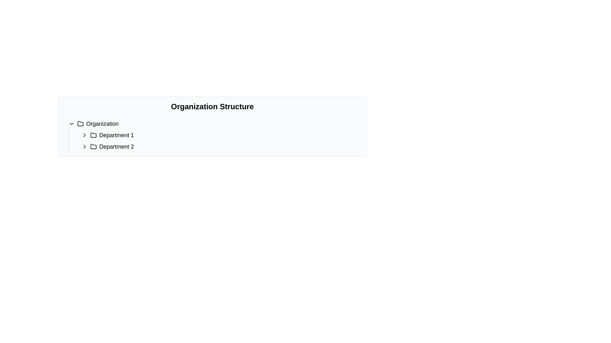  Describe the element at coordinates (93, 134) in the screenshot. I see `the folder icon that visually represents a directory, located beside the text 'Department 1'` at that location.